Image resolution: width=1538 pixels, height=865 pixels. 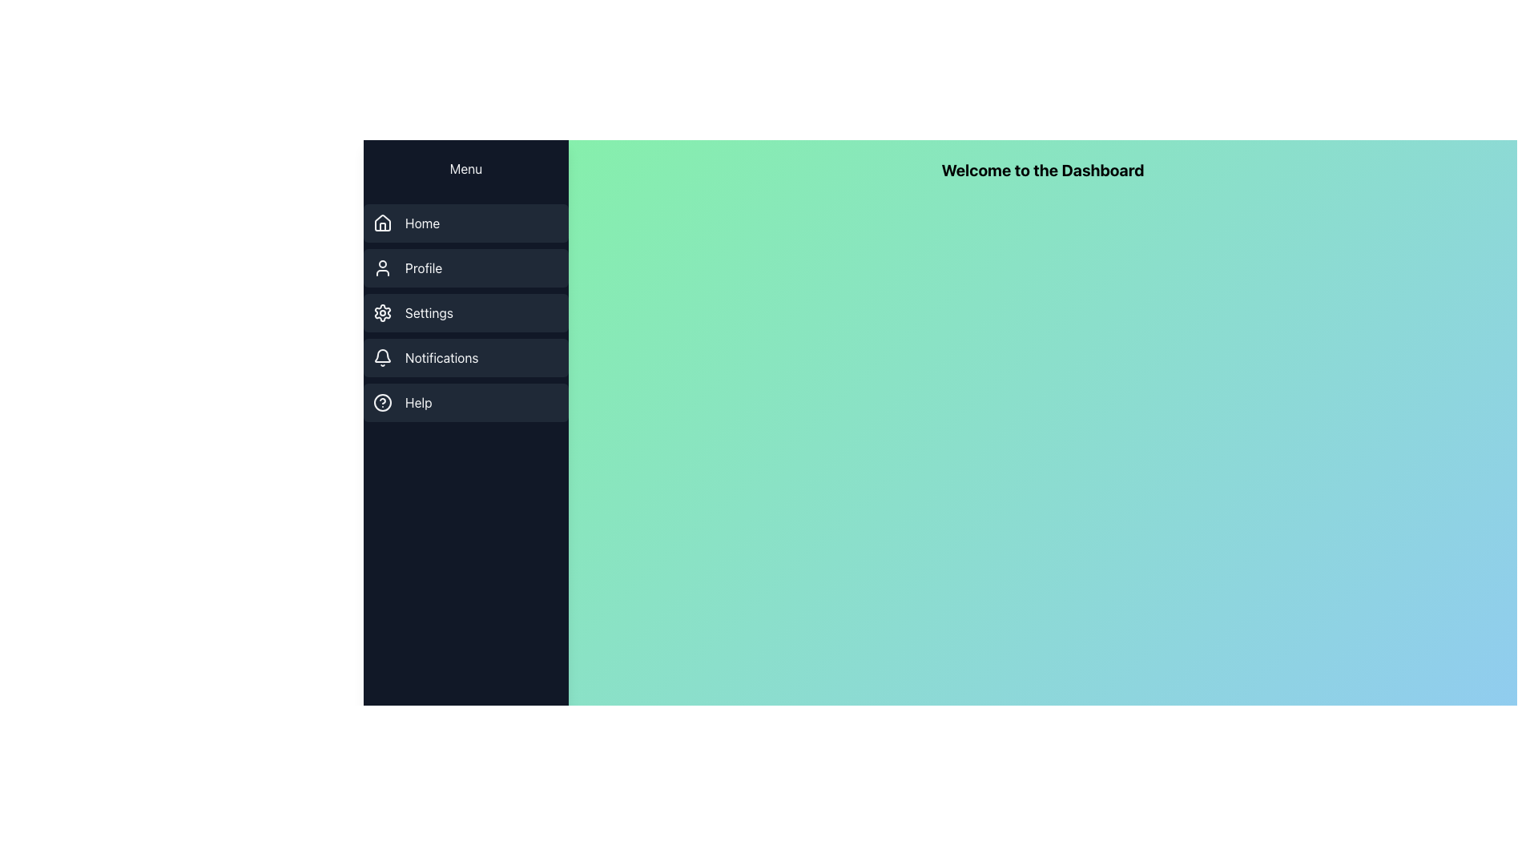 What do you see at coordinates (465, 357) in the screenshot?
I see `the 'Notifications' button, which is the fourth button in the vertical list of five buttons in the sidebar menu, located below the 'Settings' button and above the 'Help' button` at bounding box center [465, 357].